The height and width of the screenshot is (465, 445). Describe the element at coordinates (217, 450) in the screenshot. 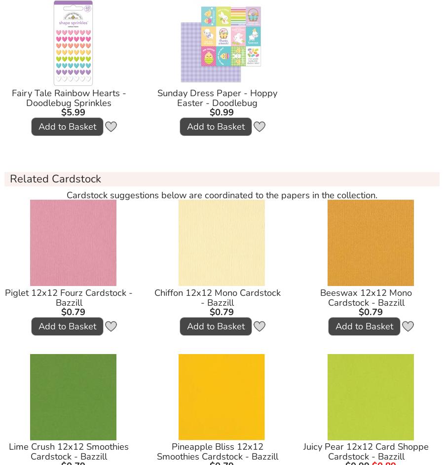

I see `'Pineapple Bliss 12x12 Smoothies Cardstock - Bazzill'` at that location.